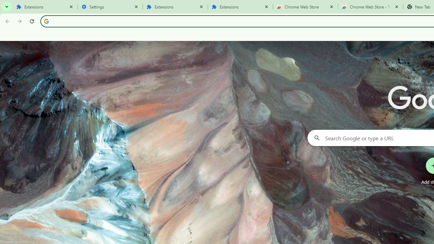 The image size is (434, 244). Describe the element at coordinates (45, 7) in the screenshot. I see `'Extensions'` at that location.